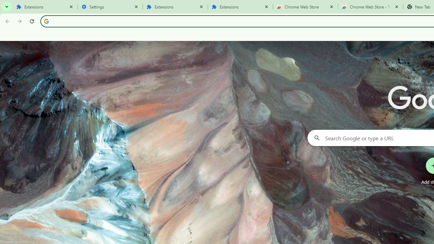 The image size is (434, 244). Describe the element at coordinates (45, 7) in the screenshot. I see `'Extensions'` at that location.